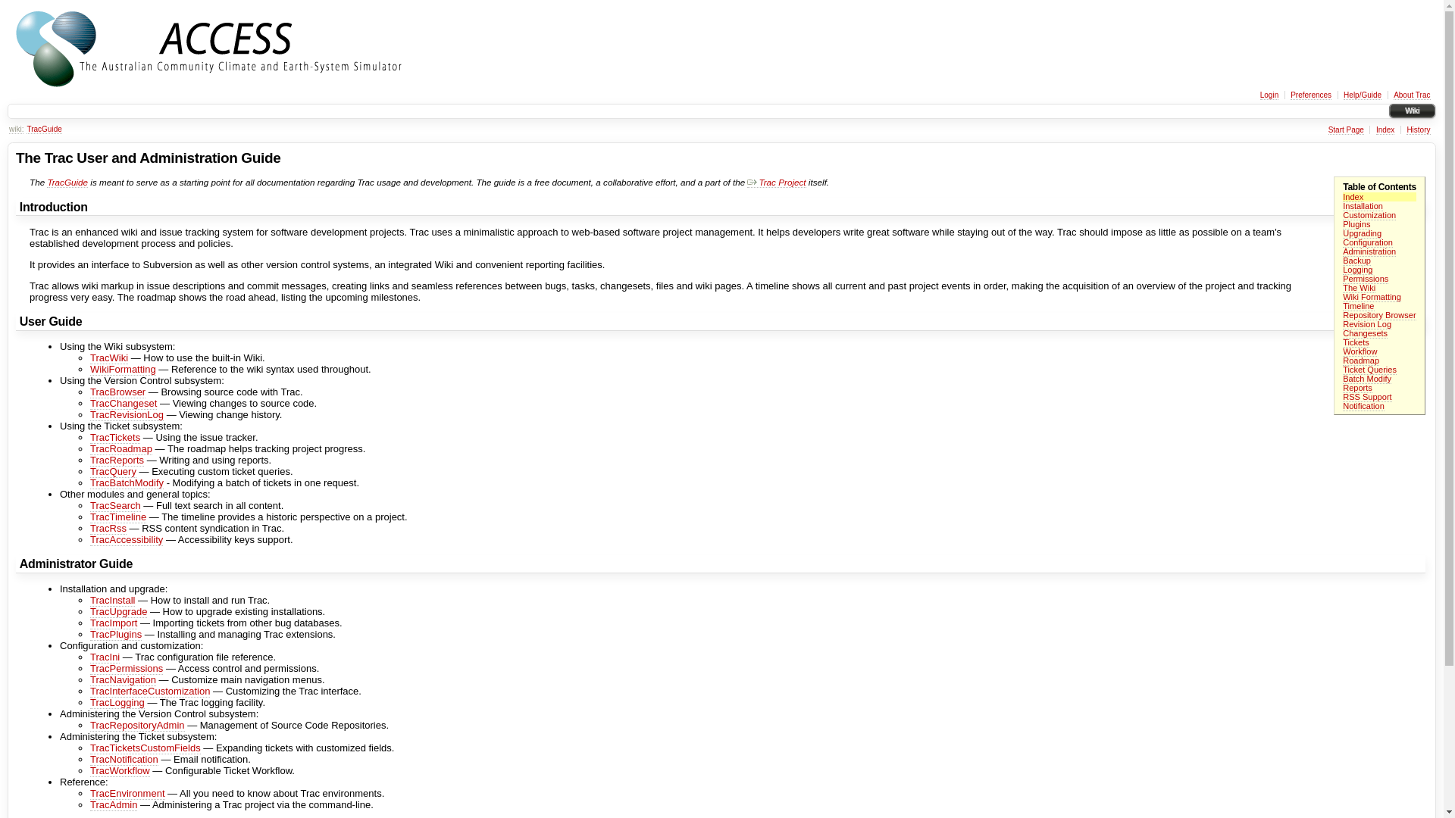 The height and width of the screenshot is (818, 1455). Describe the element at coordinates (89, 471) in the screenshot. I see `'TracQuery'` at that location.